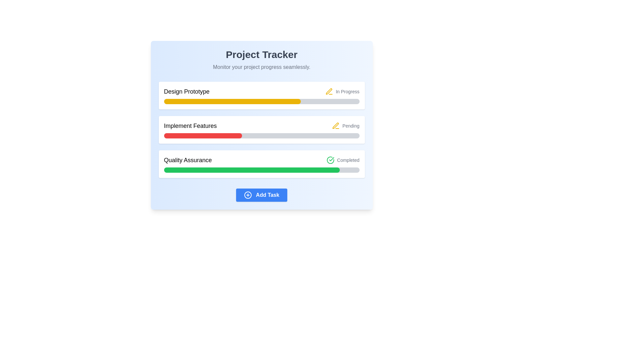  Describe the element at coordinates (269, 102) in the screenshot. I see `the progress bar` at that location.